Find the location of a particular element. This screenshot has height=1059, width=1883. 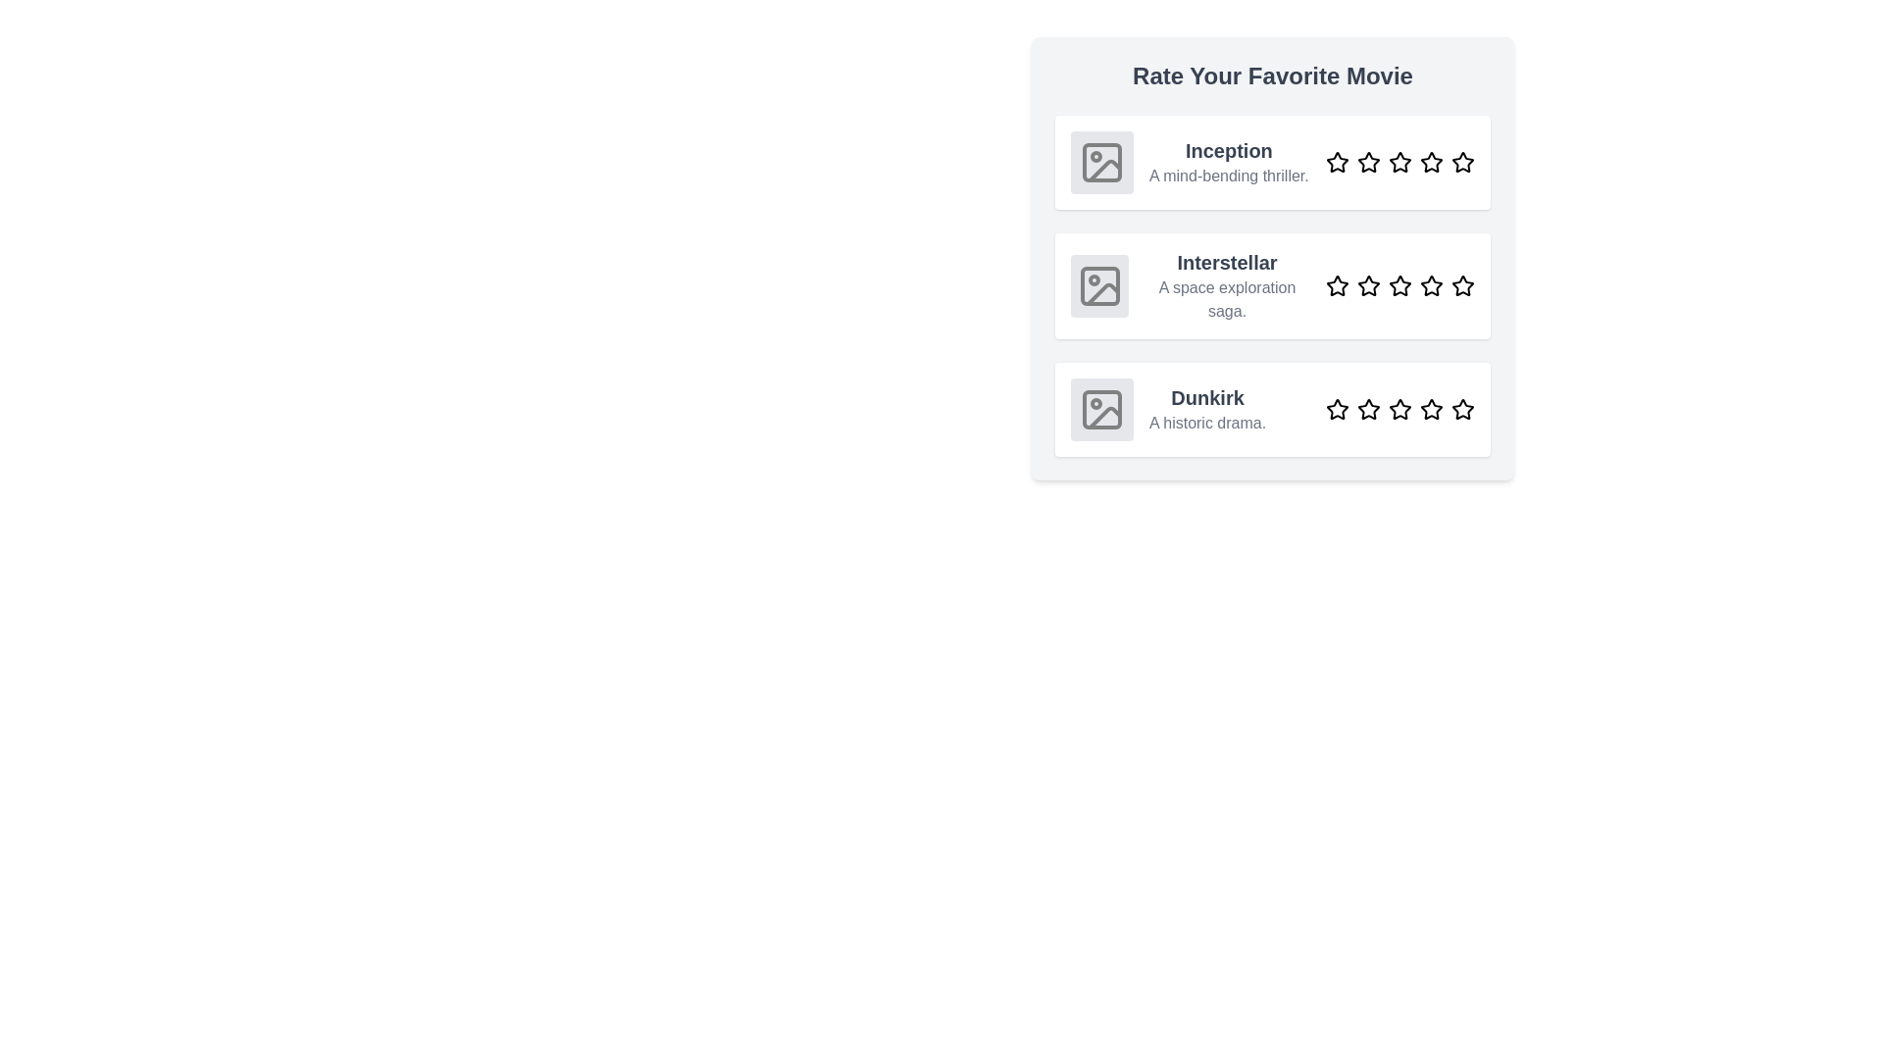

the 'Dunkirk' text label, which serves as the title of the third movie in a vertical list of movie options for user rating is located at coordinates (1206, 397).